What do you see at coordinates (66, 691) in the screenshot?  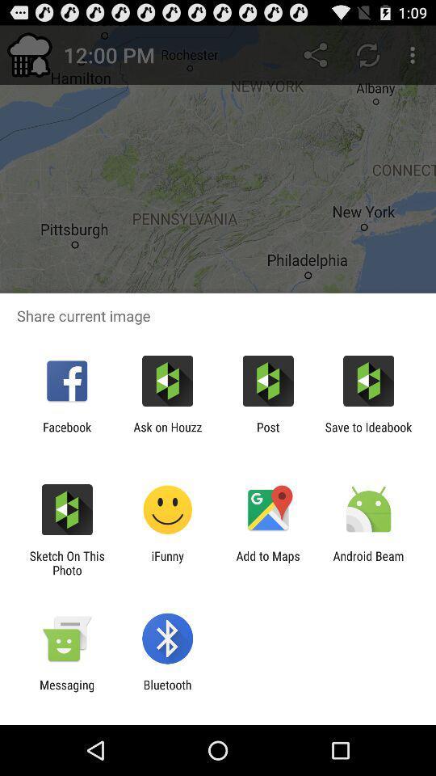 I see `the app next to bluetooth icon` at bounding box center [66, 691].